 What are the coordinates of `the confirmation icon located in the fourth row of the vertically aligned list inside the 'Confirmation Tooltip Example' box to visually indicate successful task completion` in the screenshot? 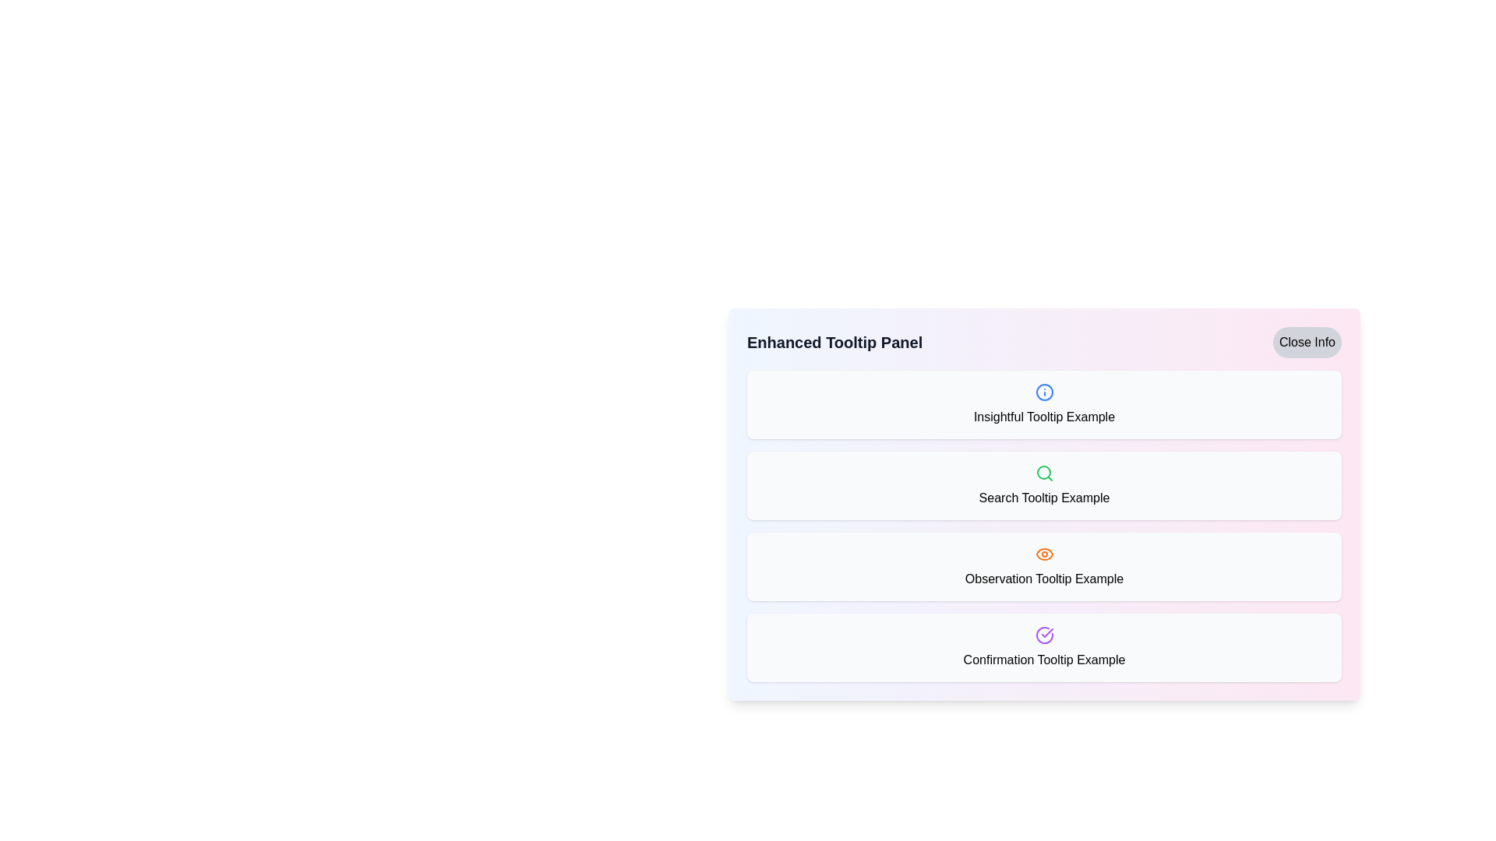 It's located at (1044, 635).